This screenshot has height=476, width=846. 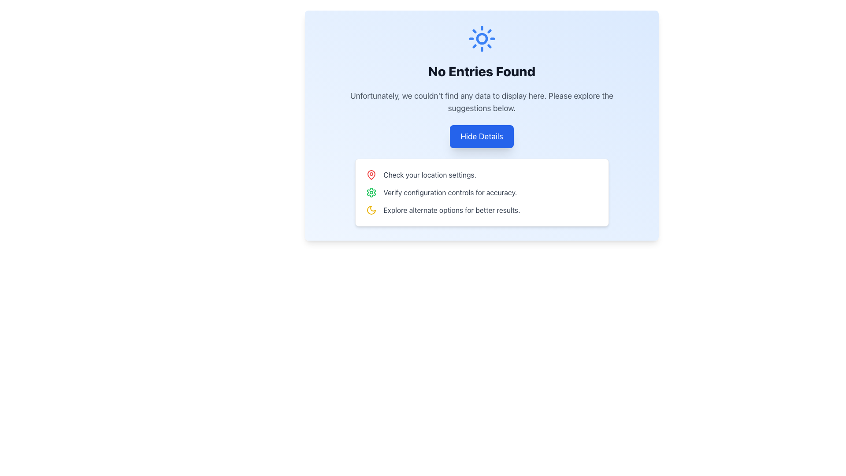 What do you see at coordinates (481, 192) in the screenshot?
I see `the actionable list item containing the text 'Verify configuration controls for accuracy.'` at bounding box center [481, 192].